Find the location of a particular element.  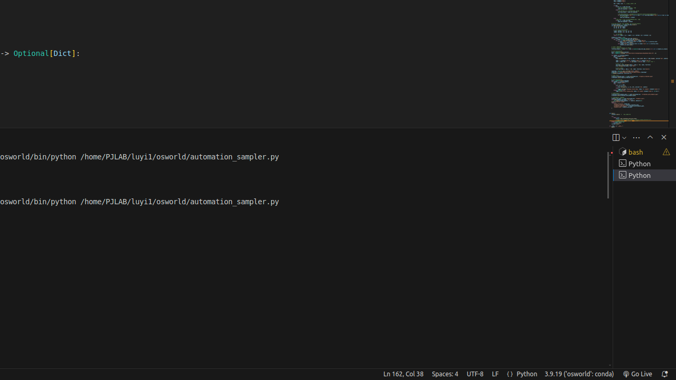

'Ln 162, Col 38' is located at coordinates (403, 373).